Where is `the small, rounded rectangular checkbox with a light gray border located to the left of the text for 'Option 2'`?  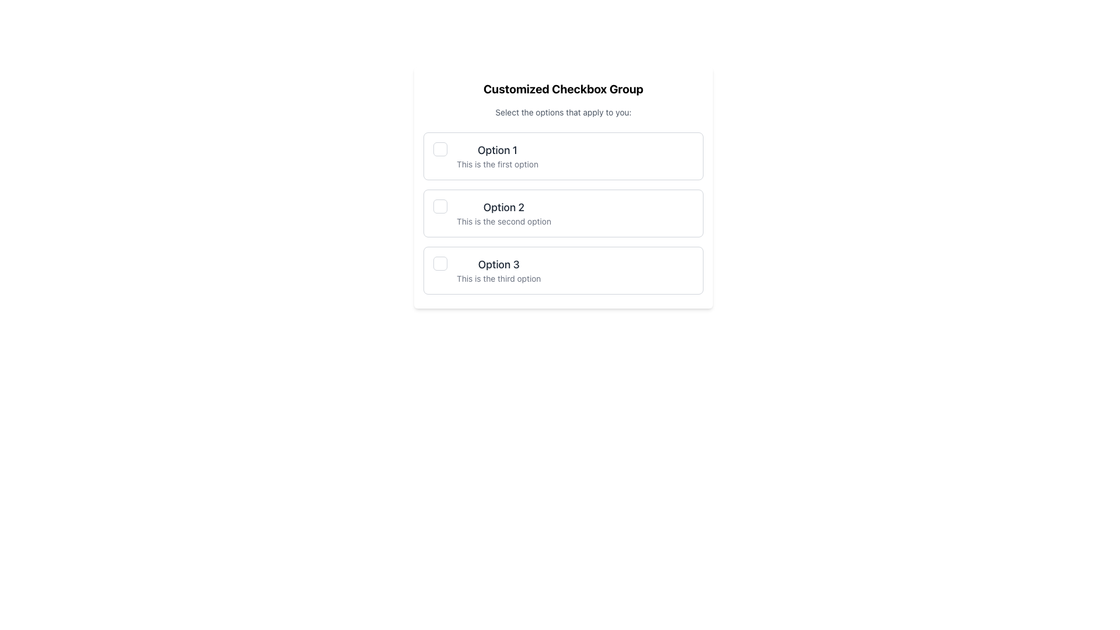 the small, rounded rectangular checkbox with a light gray border located to the left of the text for 'Option 2' is located at coordinates (439, 206).